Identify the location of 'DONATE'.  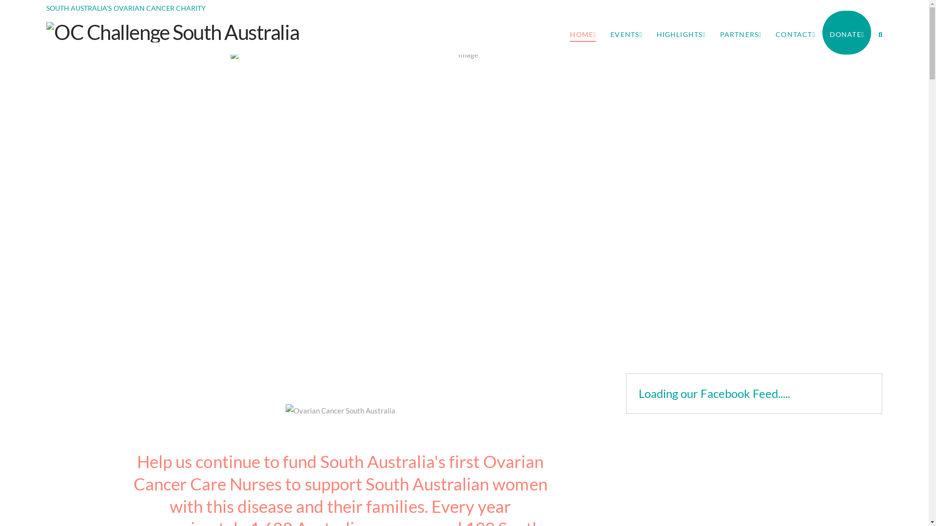
(846, 32).